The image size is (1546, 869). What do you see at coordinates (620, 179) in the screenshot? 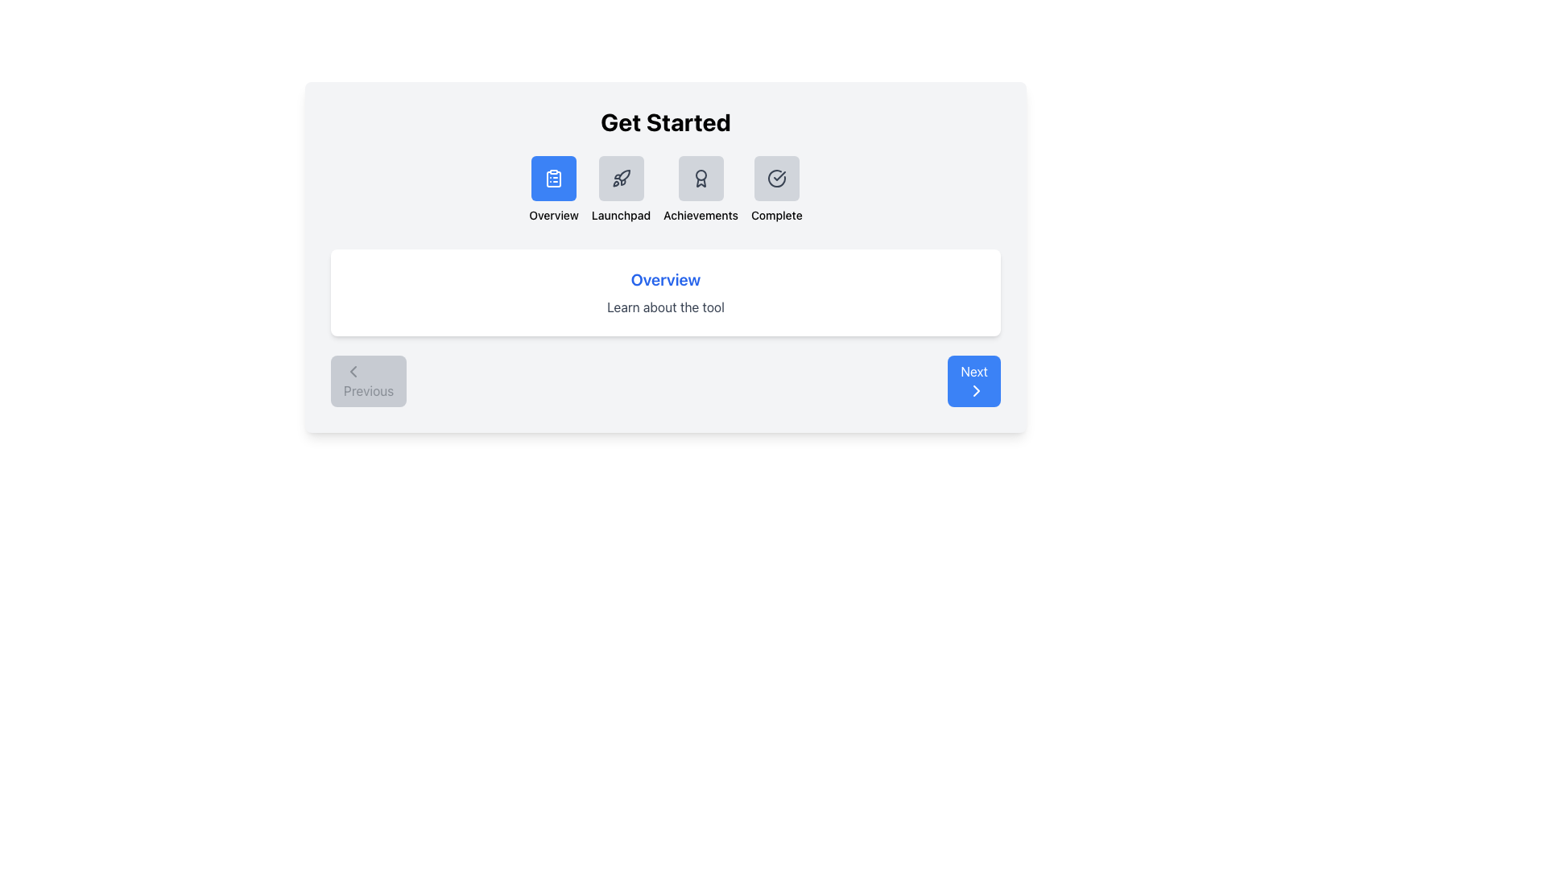
I see `the second icon in the horizontal navigation menu at the top of the main content area, which is a solid black rocket icon` at bounding box center [620, 179].